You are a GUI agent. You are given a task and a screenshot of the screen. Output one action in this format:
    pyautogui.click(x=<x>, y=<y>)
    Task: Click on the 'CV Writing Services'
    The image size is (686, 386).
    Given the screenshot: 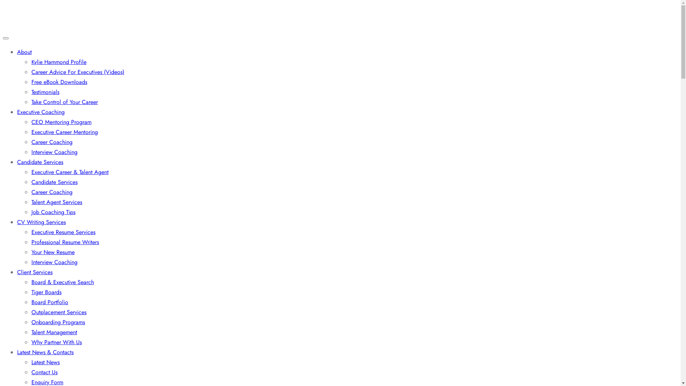 What is the action you would take?
    pyautogui.click(x=41, y=222)
    